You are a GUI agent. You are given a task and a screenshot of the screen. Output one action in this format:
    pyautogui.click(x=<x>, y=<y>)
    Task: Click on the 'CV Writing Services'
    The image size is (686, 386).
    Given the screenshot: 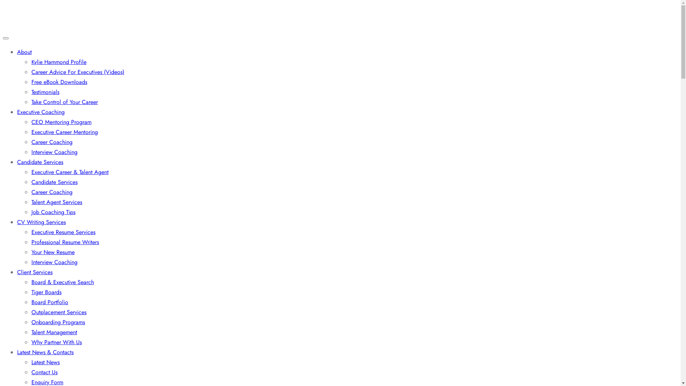 What is the action you would take?
    pyautogui.click(x=41, y=222)
    